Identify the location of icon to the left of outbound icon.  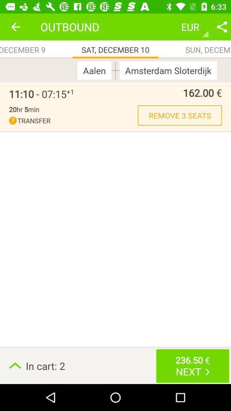
(15, 27).